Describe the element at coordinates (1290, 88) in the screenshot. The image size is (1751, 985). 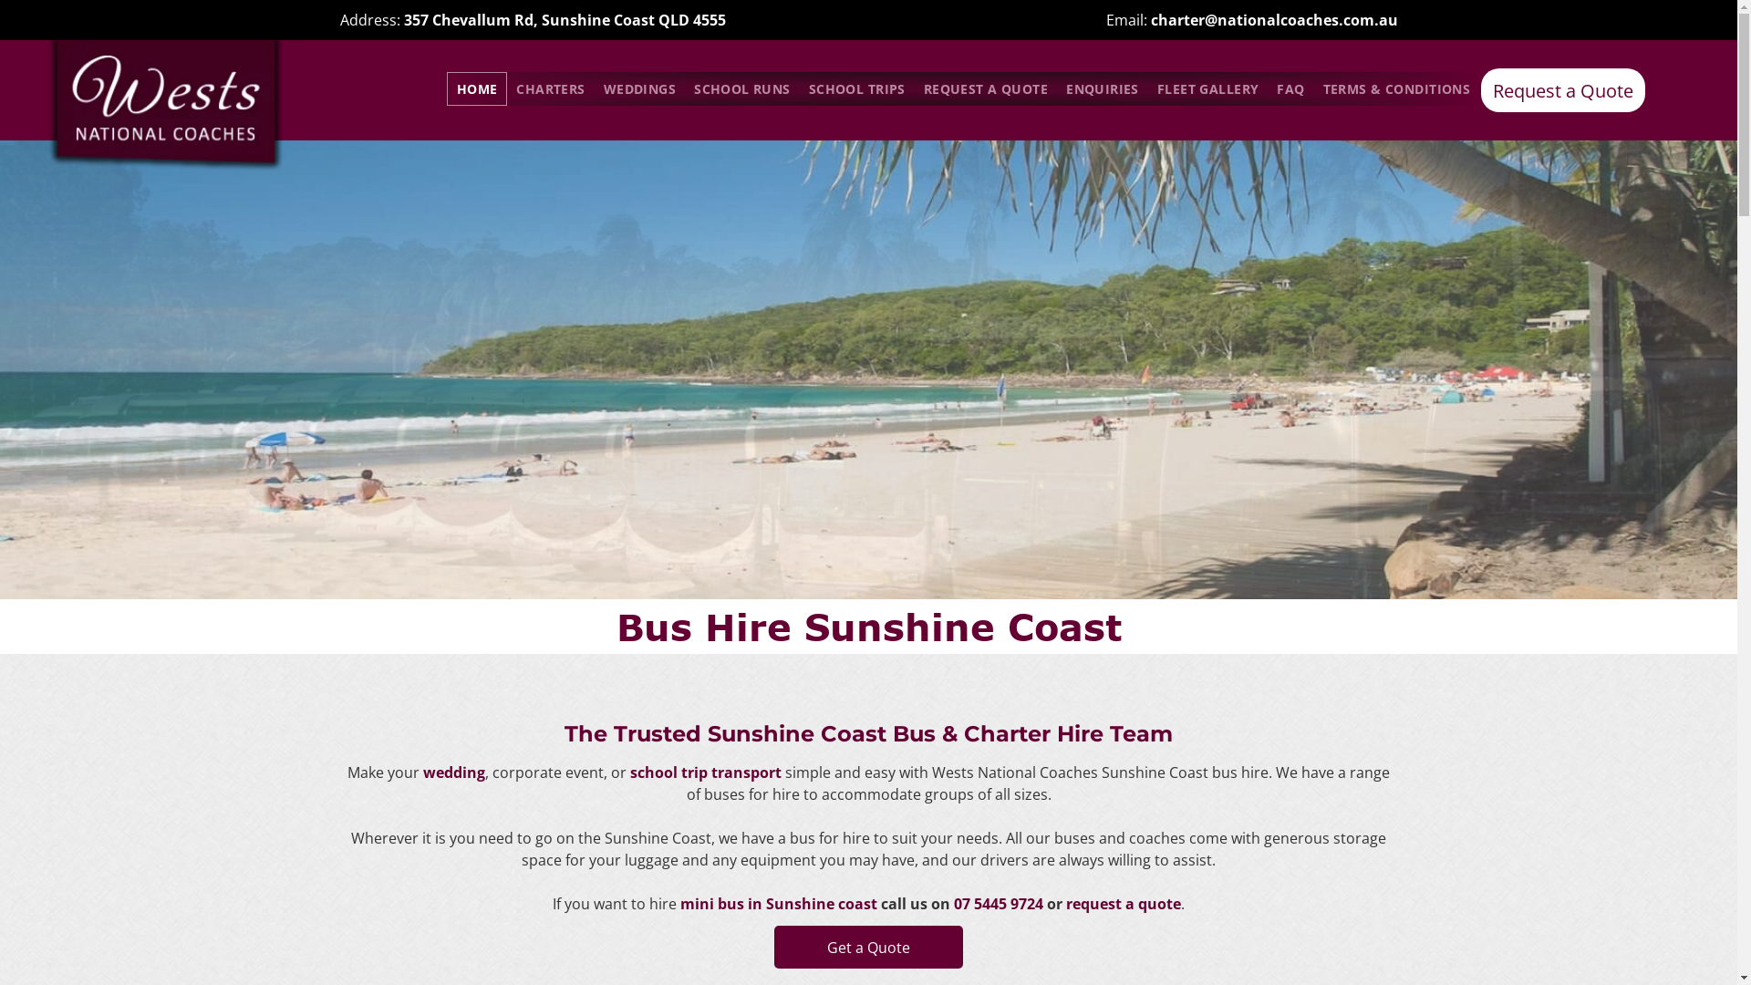
I see `'FAQ'` at that location.